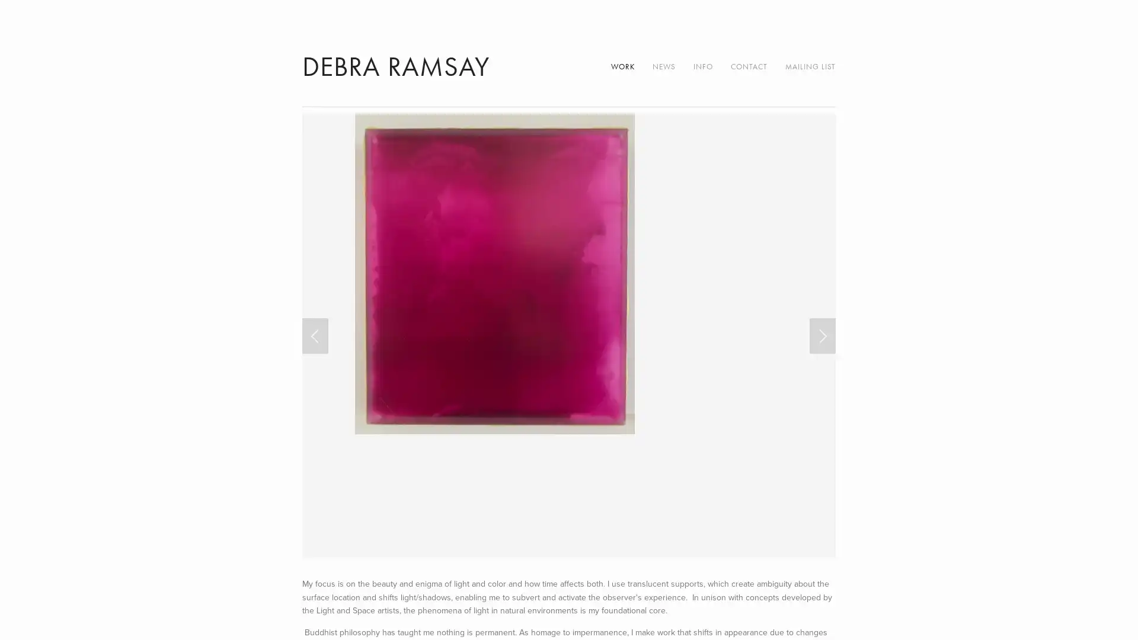  I want to click on Previous Slide, so click(315, 335).